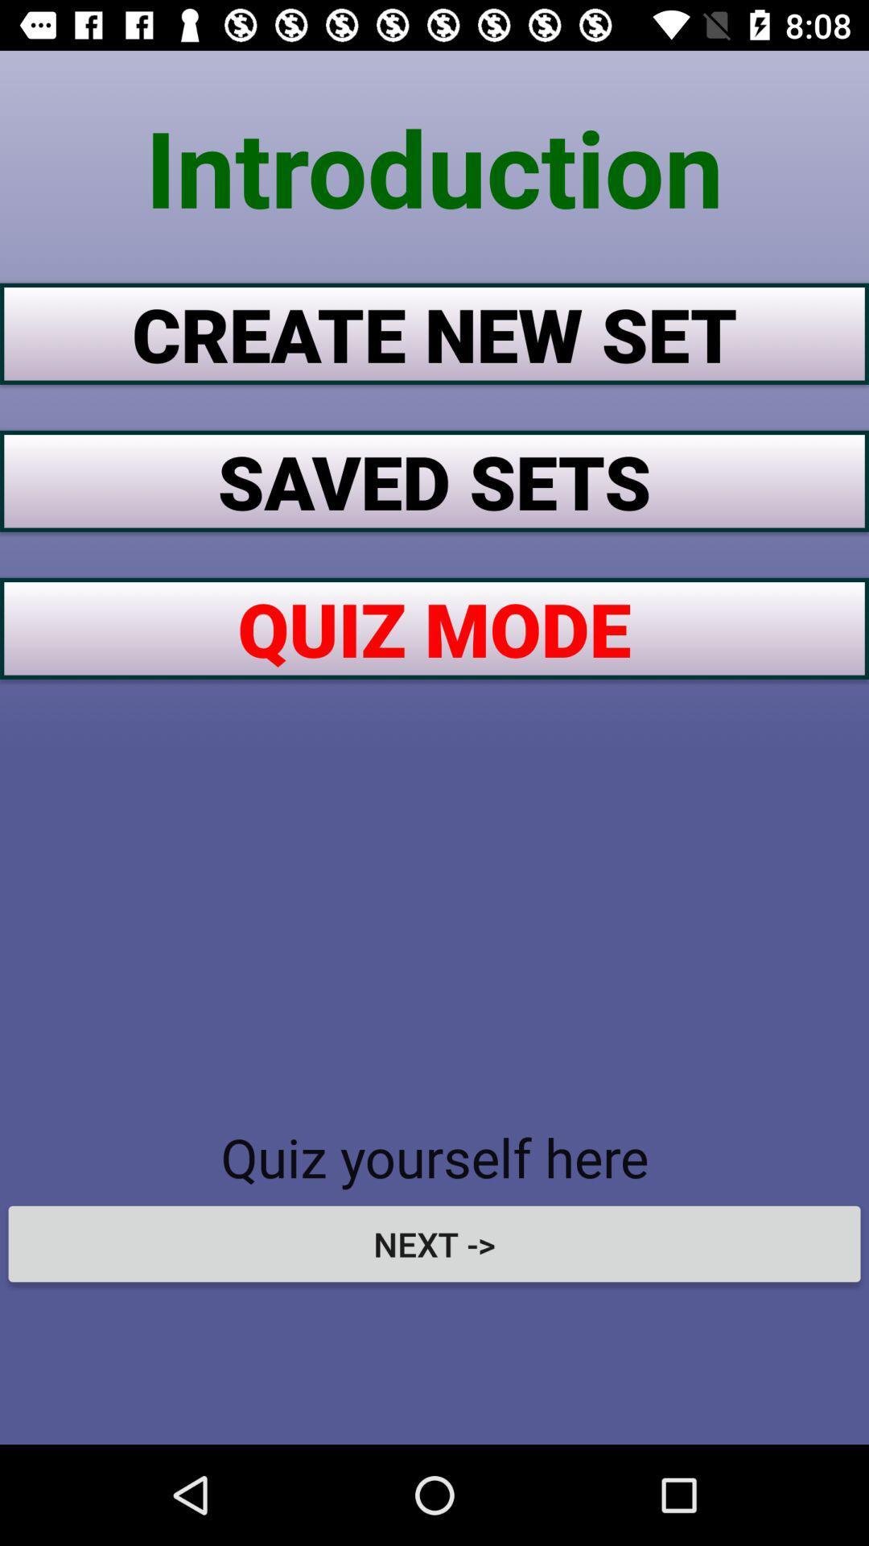  Describe the element at coordinates (434, 1243) in the screenshot. I see `next -> icon` at that location.